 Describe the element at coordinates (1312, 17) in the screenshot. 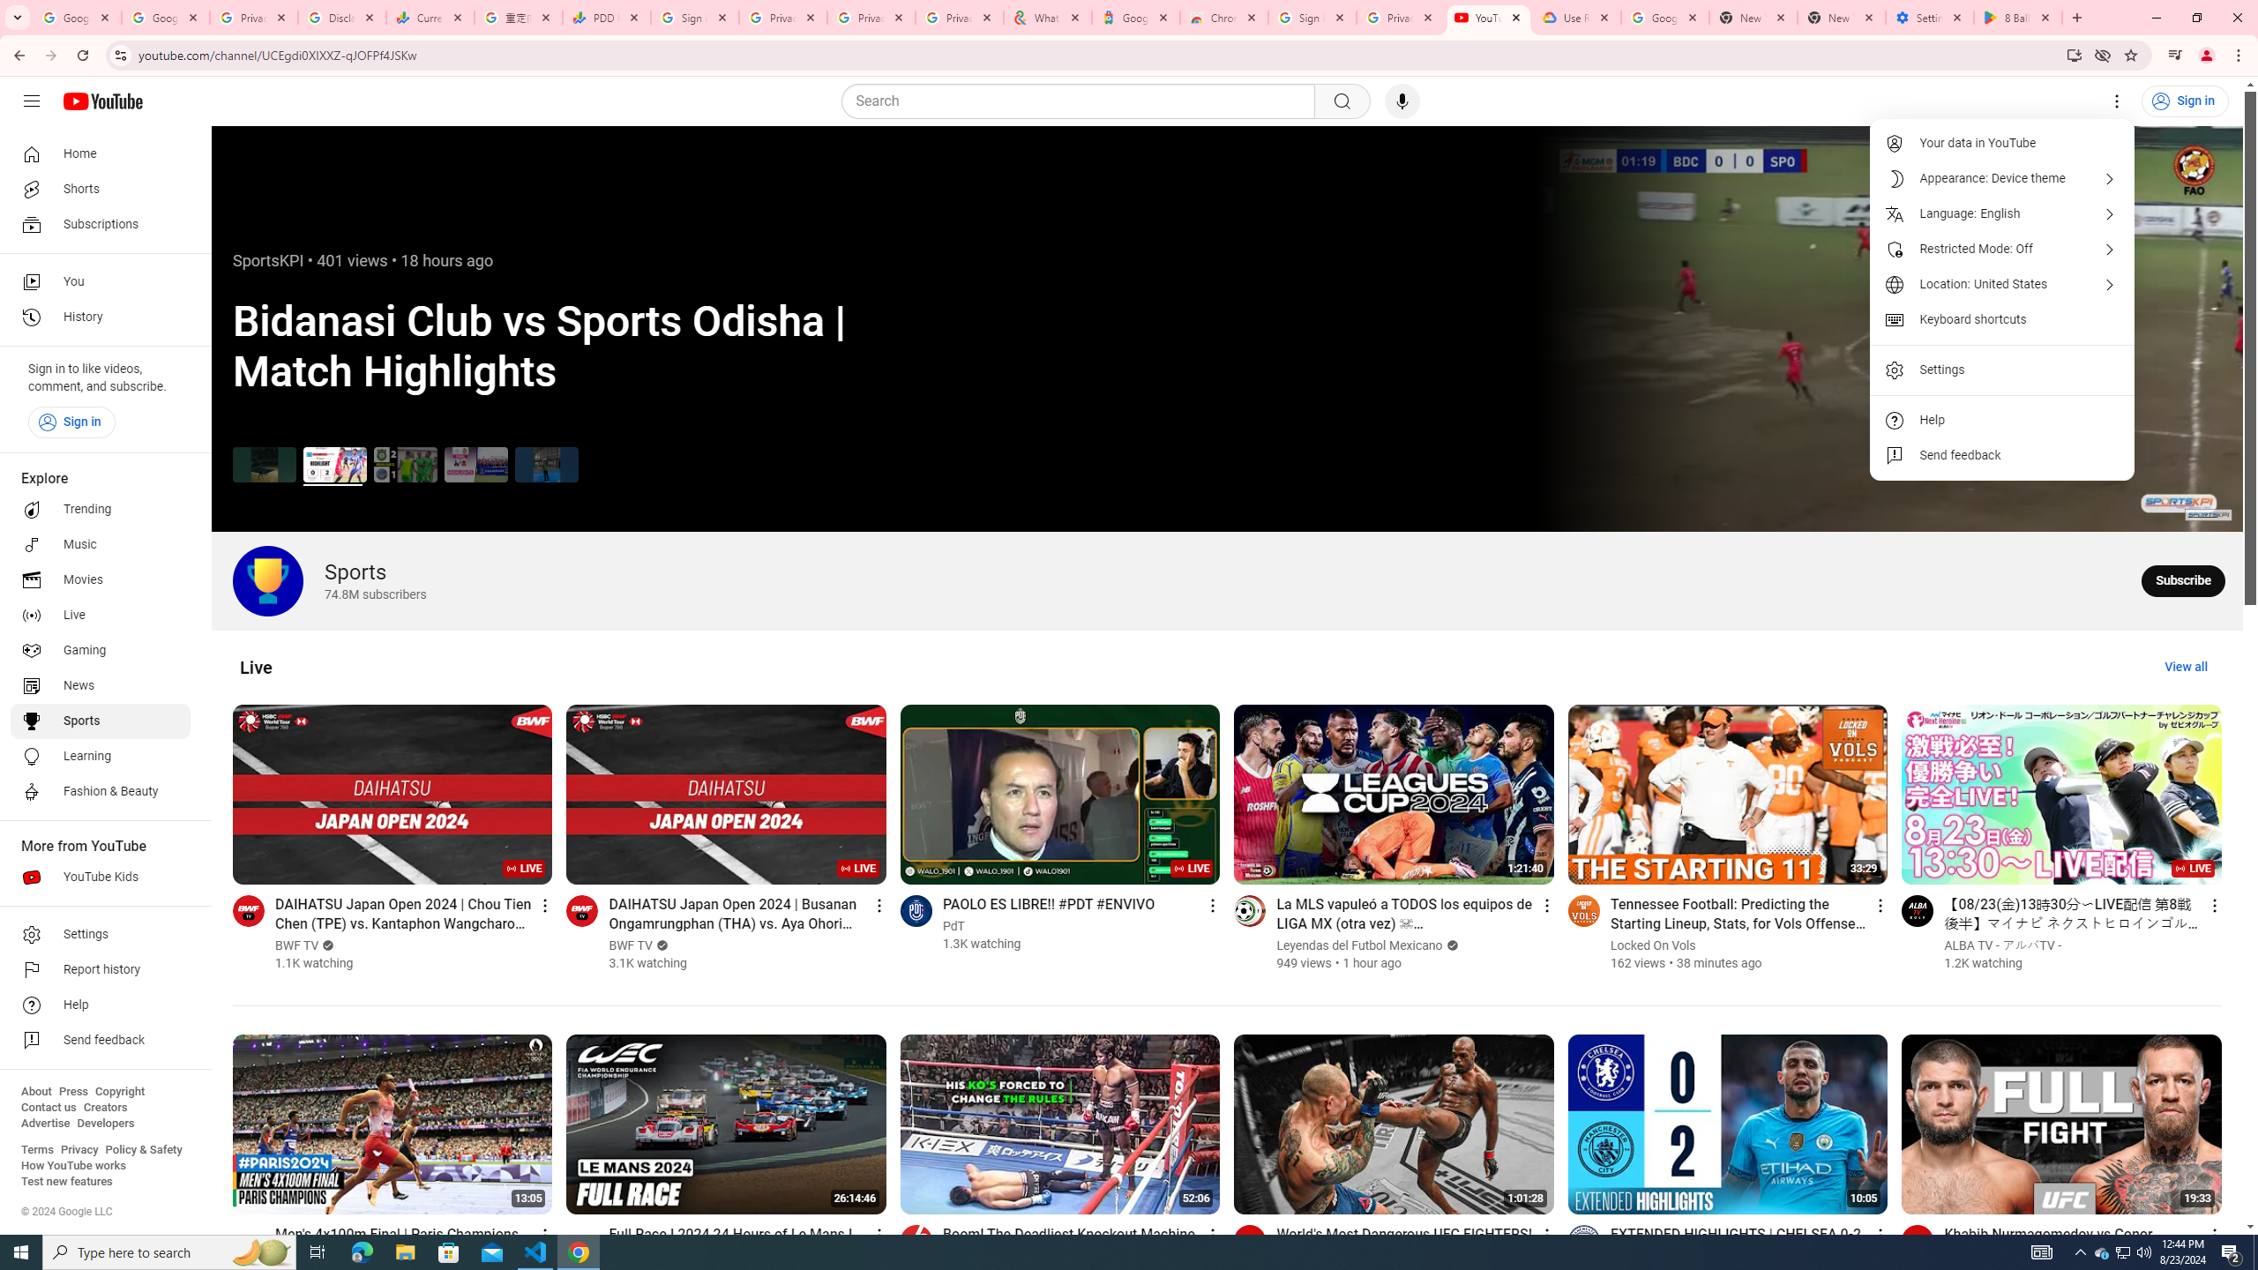

I see `'Sign in - Google Accounts'` at that location.